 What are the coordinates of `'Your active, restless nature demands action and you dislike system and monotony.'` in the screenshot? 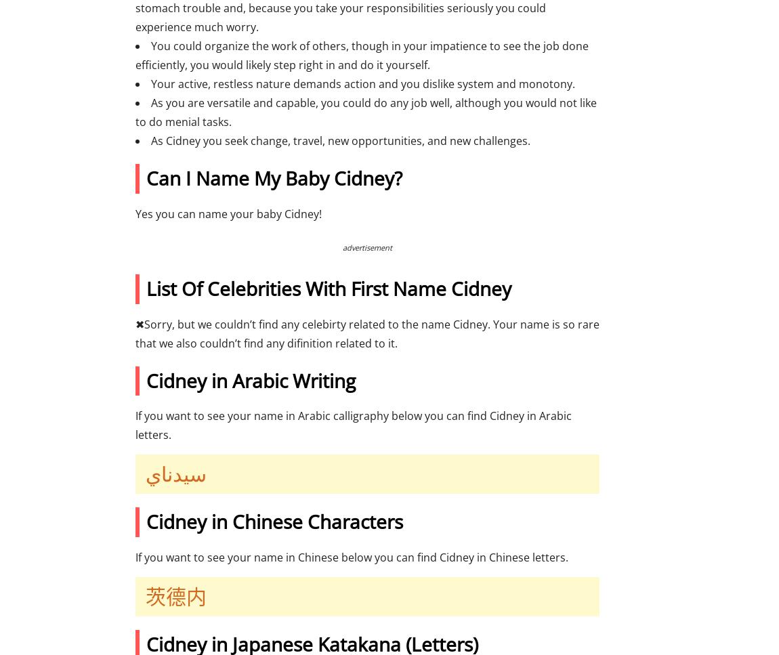 It's located at (363, 83).